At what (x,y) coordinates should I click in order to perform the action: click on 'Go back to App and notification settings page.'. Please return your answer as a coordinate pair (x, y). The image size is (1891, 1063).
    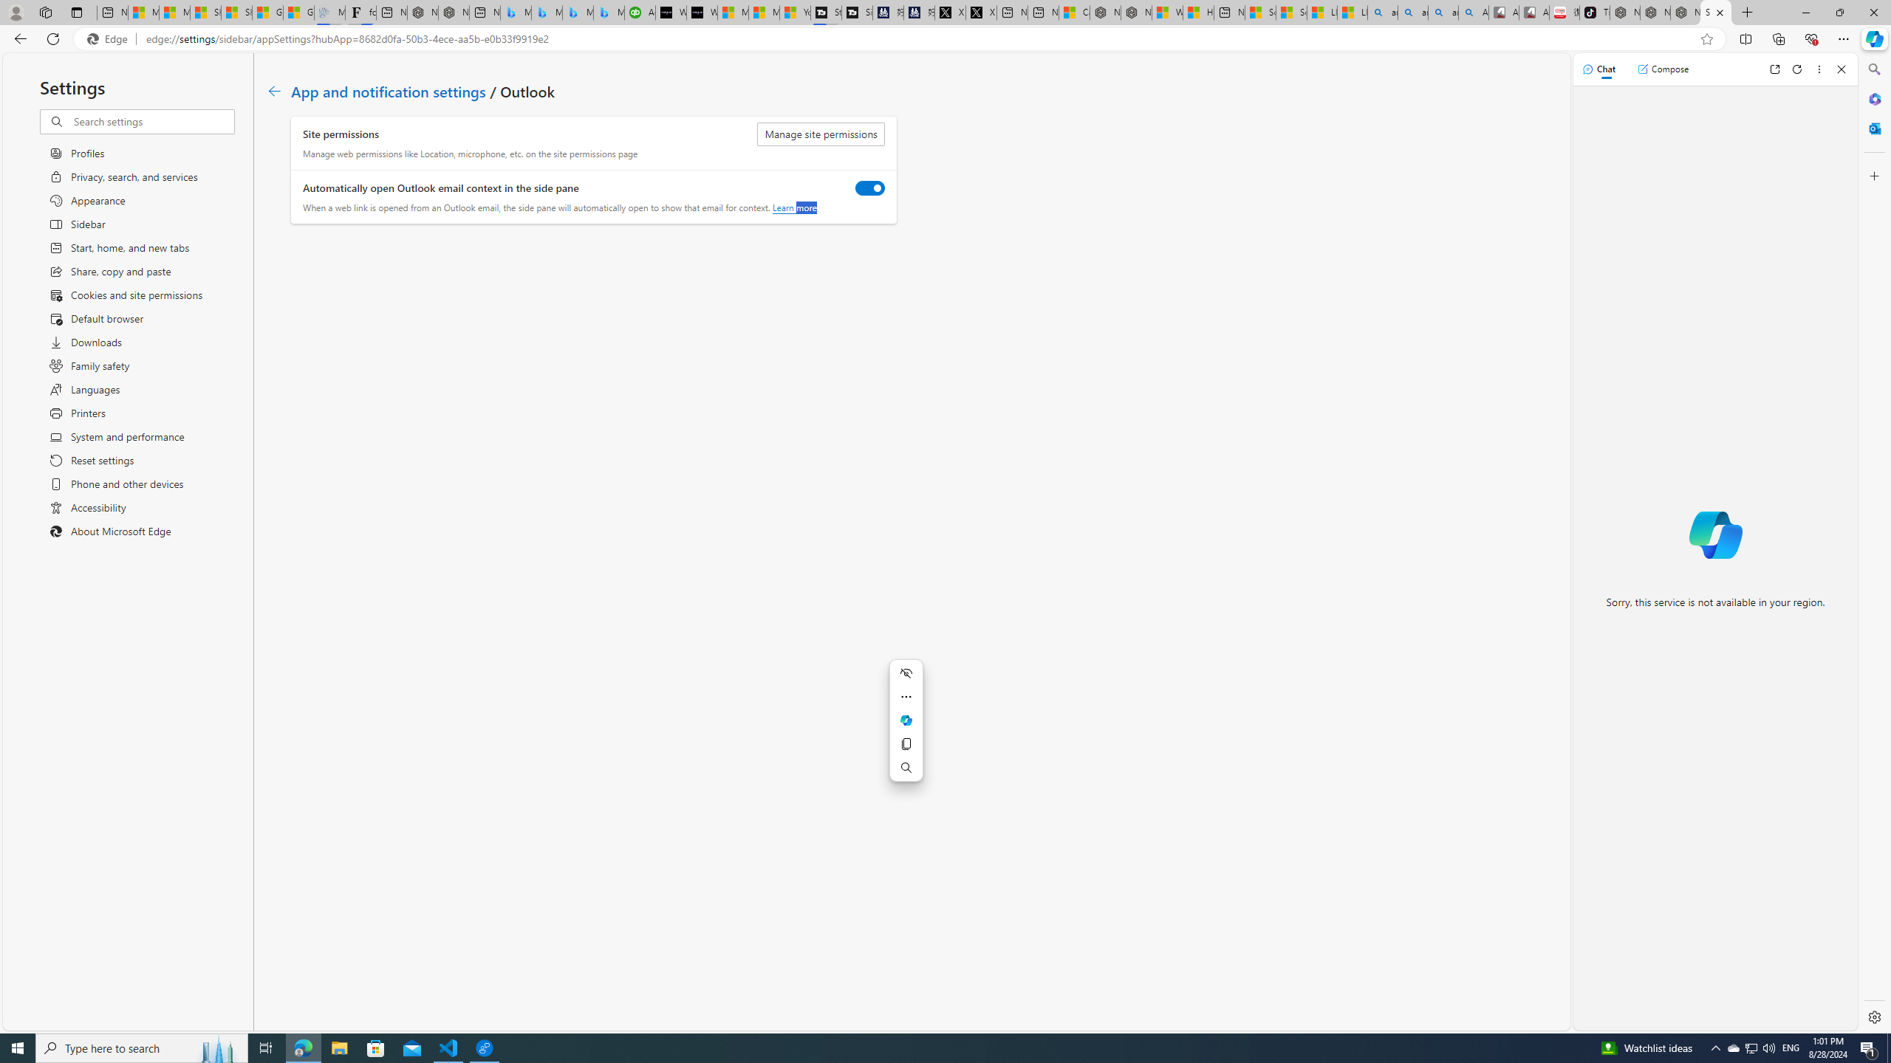
    Looking at the image, I should click on (273, 91).